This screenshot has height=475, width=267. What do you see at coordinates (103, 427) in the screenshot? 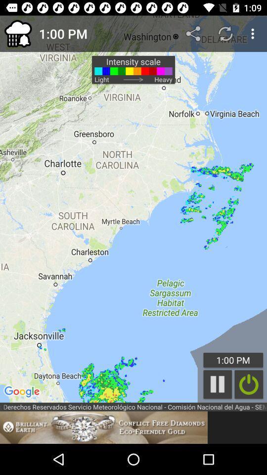
I see `open advertisement` at bounding box center [103, 427].